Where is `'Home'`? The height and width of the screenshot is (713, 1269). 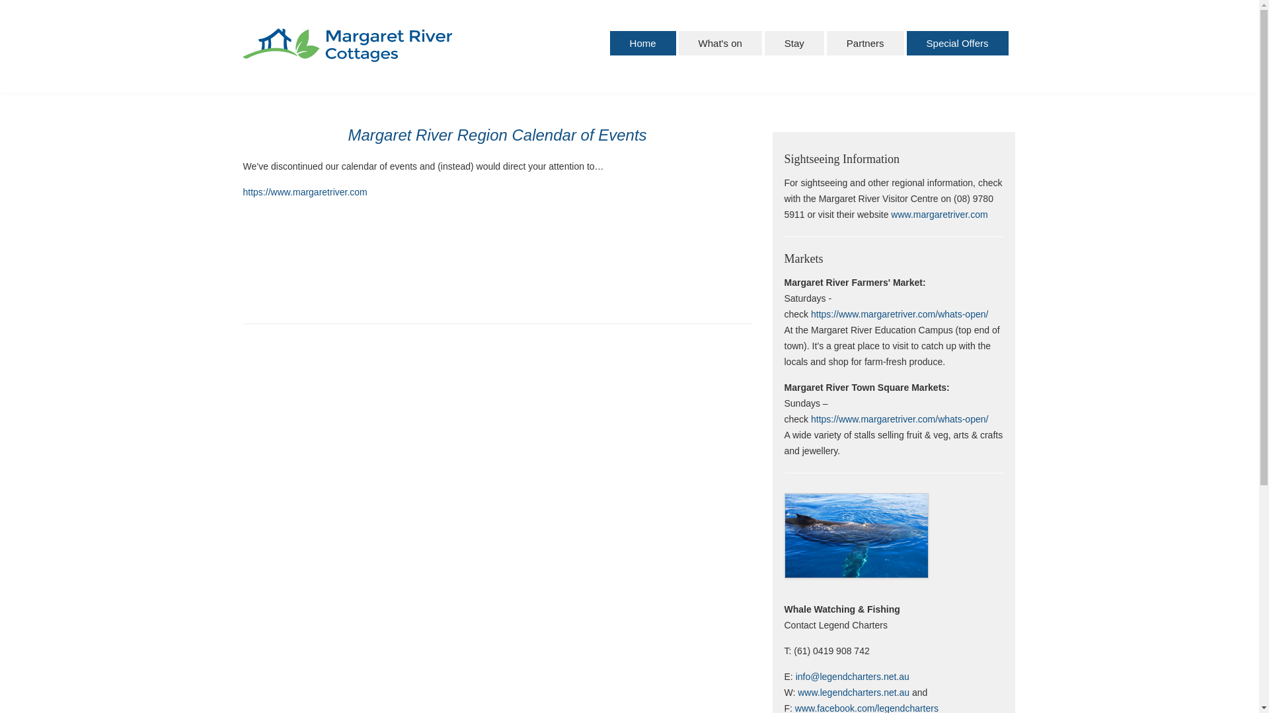
'Home' is located at coordinates (643, 42).